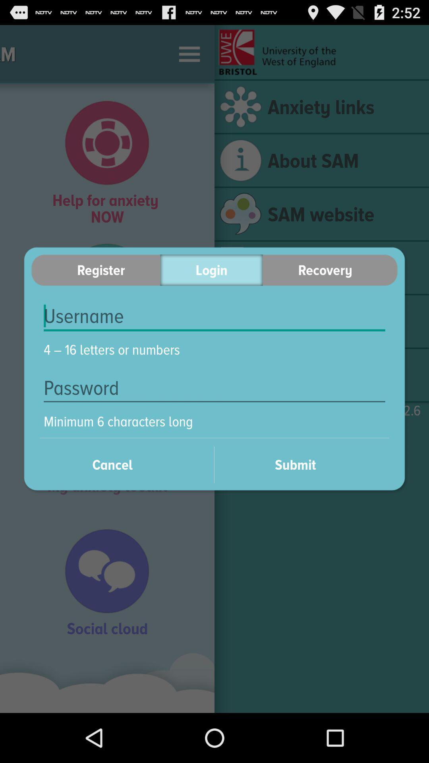 The height and width of the screenshot is (763, 429). Describe the element at coordinates (122, 465) in the screenshot. I see `the cancel` at that location.